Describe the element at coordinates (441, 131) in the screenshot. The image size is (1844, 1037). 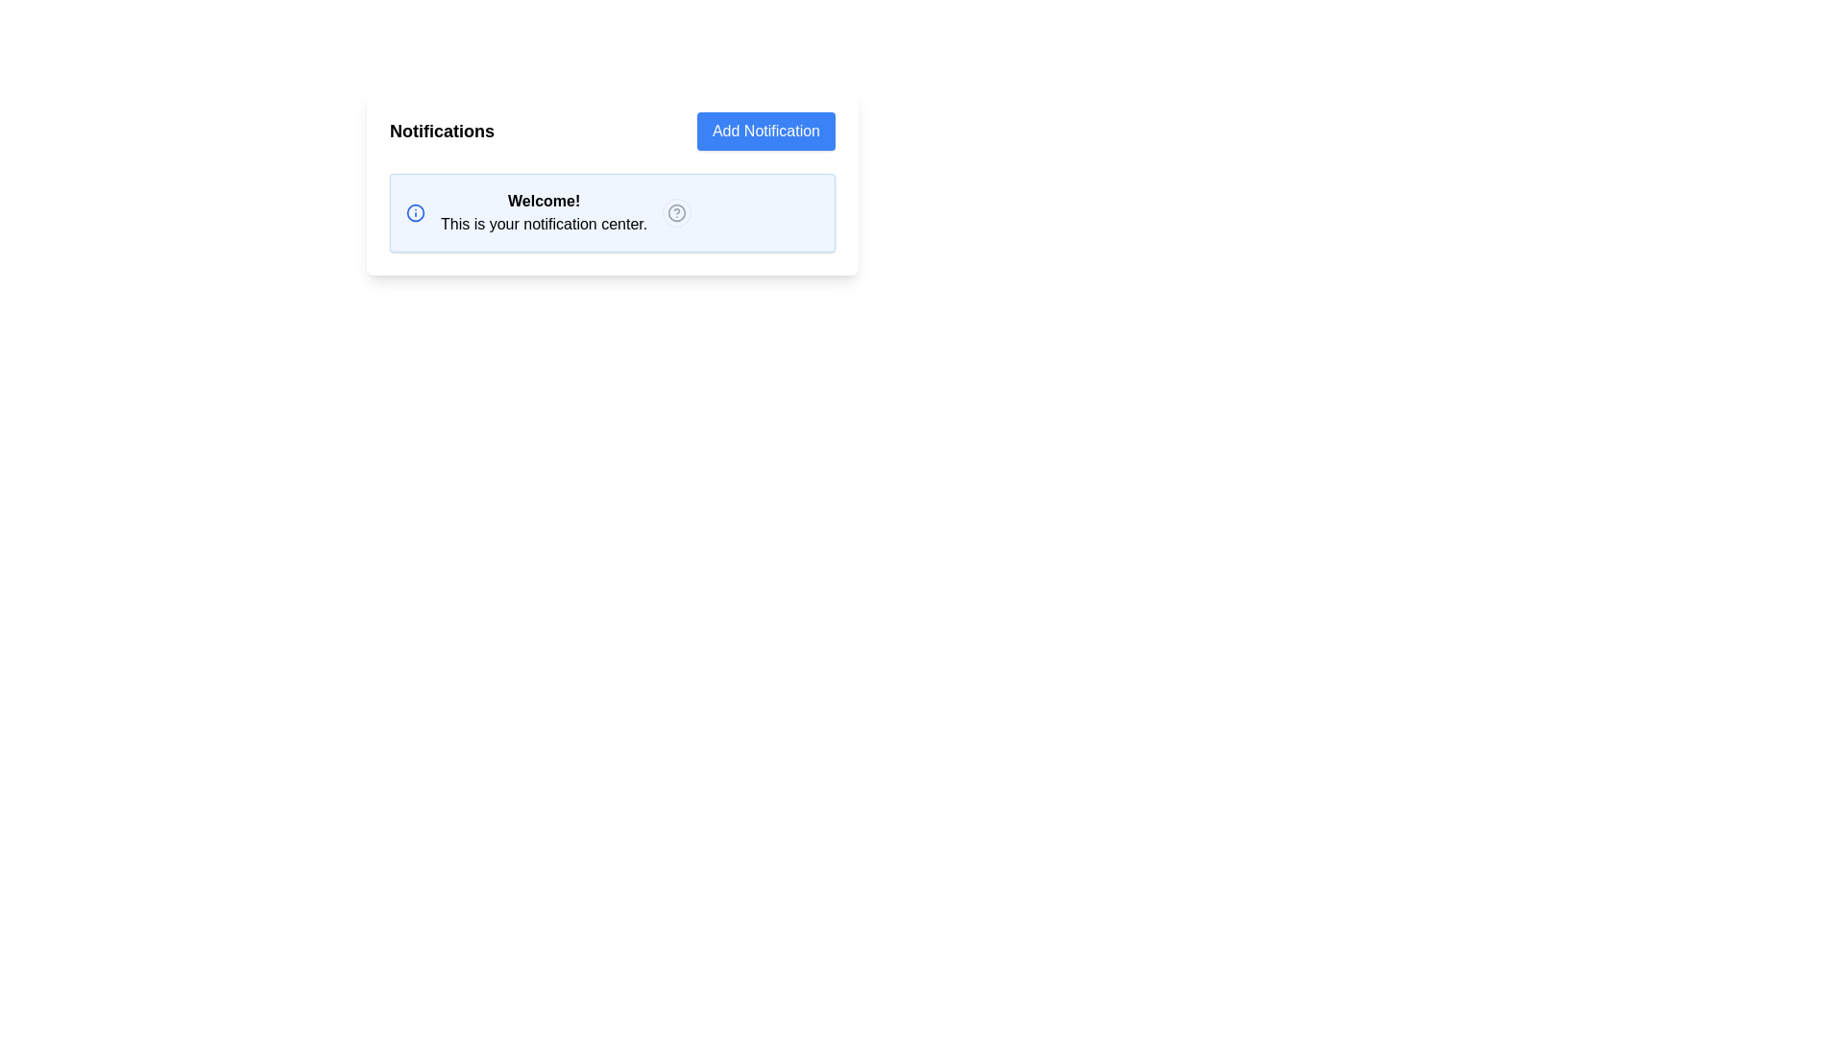
I see `the 'Notifications' text label, which is bold and large, located in the top-left corner of the header, next to the 'Add Notification' button` at that location.